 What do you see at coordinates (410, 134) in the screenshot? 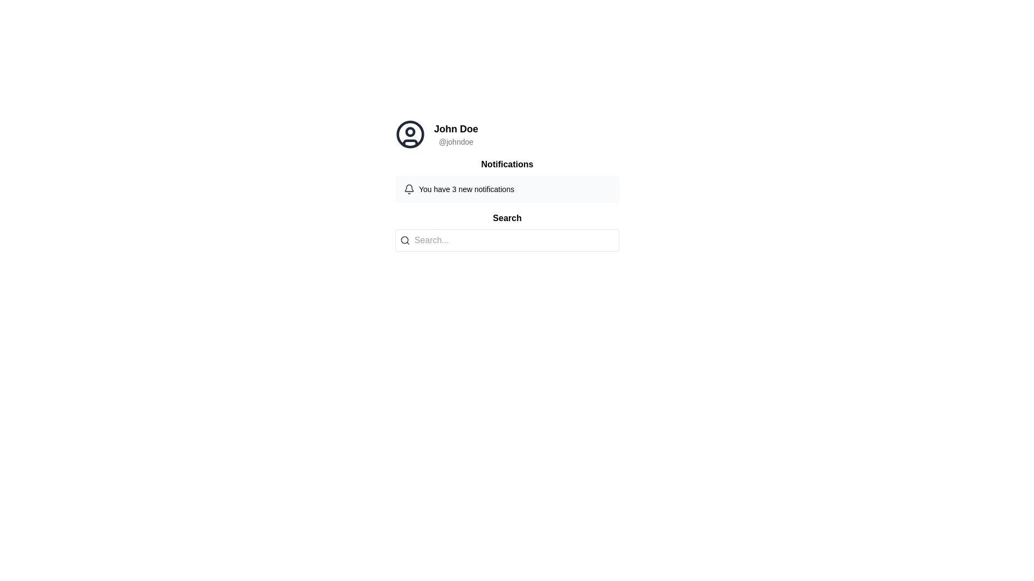
I see `the inner circle of the user profile icon, which is located to the left of the username 'John Doe' and handle '@johndoe'` at bounding box center [410, 134].